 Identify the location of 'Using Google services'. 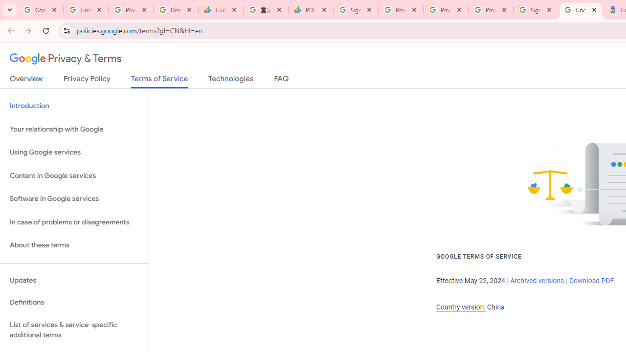
(74, 153).